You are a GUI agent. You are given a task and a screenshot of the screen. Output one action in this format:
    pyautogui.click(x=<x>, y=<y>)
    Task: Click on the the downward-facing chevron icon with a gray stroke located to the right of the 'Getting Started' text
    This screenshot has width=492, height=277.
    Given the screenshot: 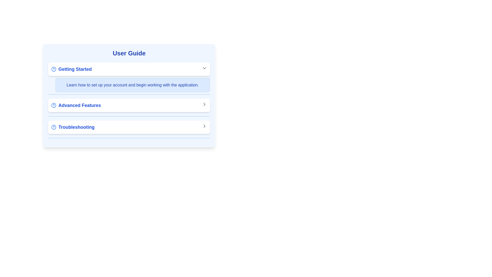 What is the action you would take?
    pyautogui.click(x=204, y=68)
    